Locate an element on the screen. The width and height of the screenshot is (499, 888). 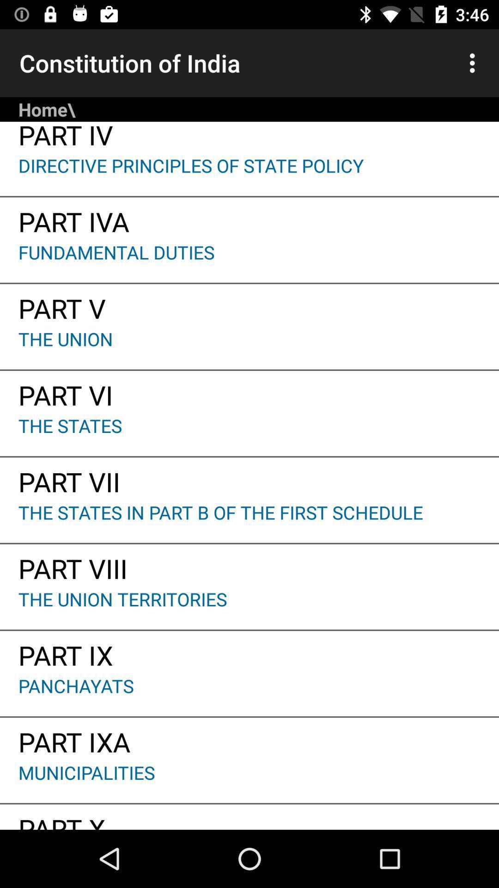
fundamental duties app is located at coordinates (249, 261).